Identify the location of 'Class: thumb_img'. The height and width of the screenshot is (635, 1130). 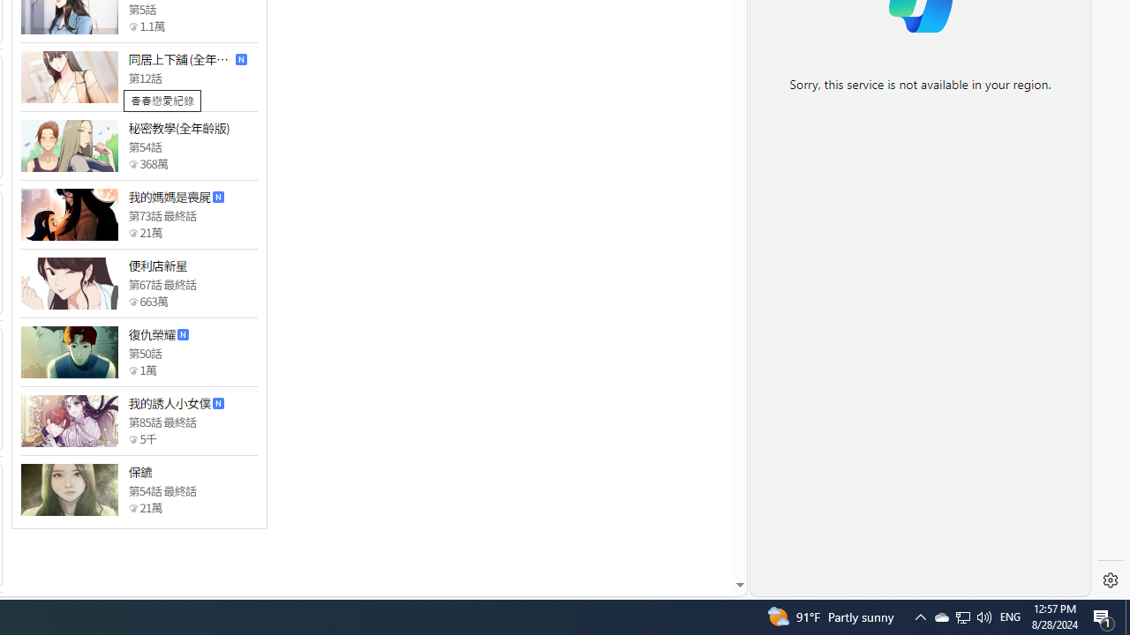
(69, 489).